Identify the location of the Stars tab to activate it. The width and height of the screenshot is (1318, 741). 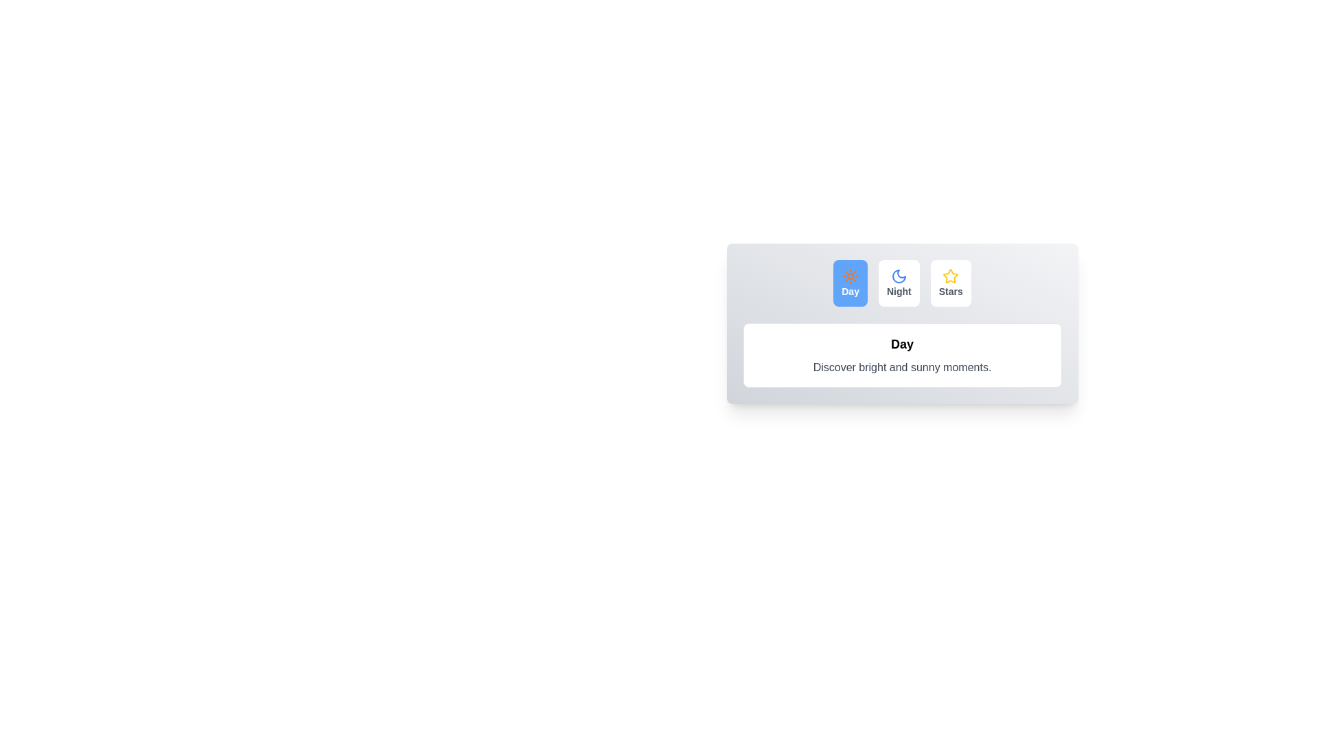
(950, 282).